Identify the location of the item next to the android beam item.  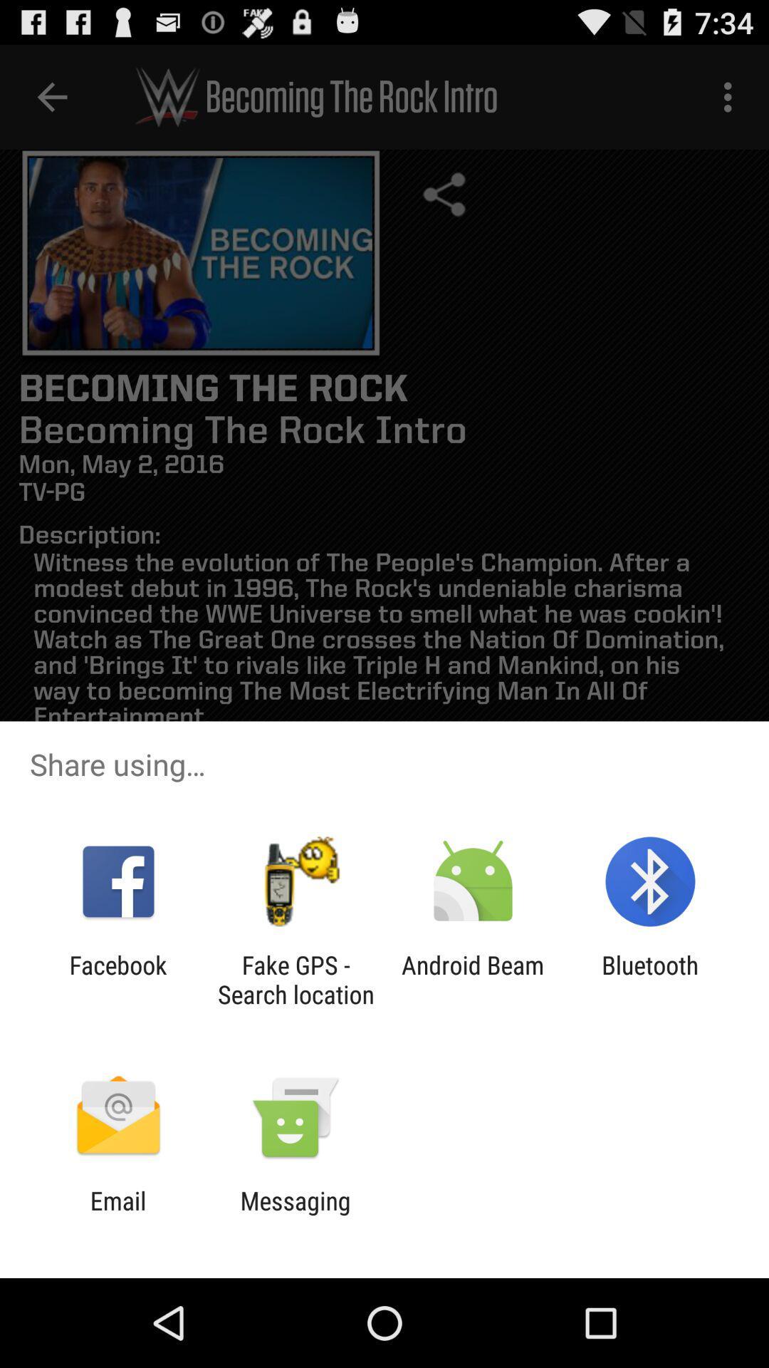
(650, 979).